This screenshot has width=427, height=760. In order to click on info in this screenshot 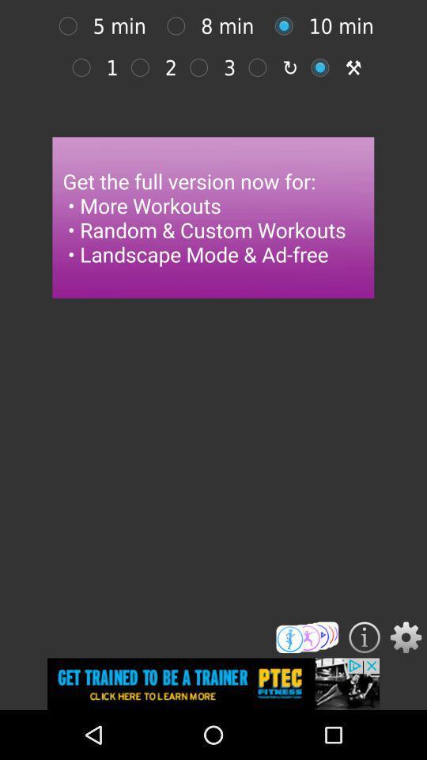, I will do `click(365, 637)`.